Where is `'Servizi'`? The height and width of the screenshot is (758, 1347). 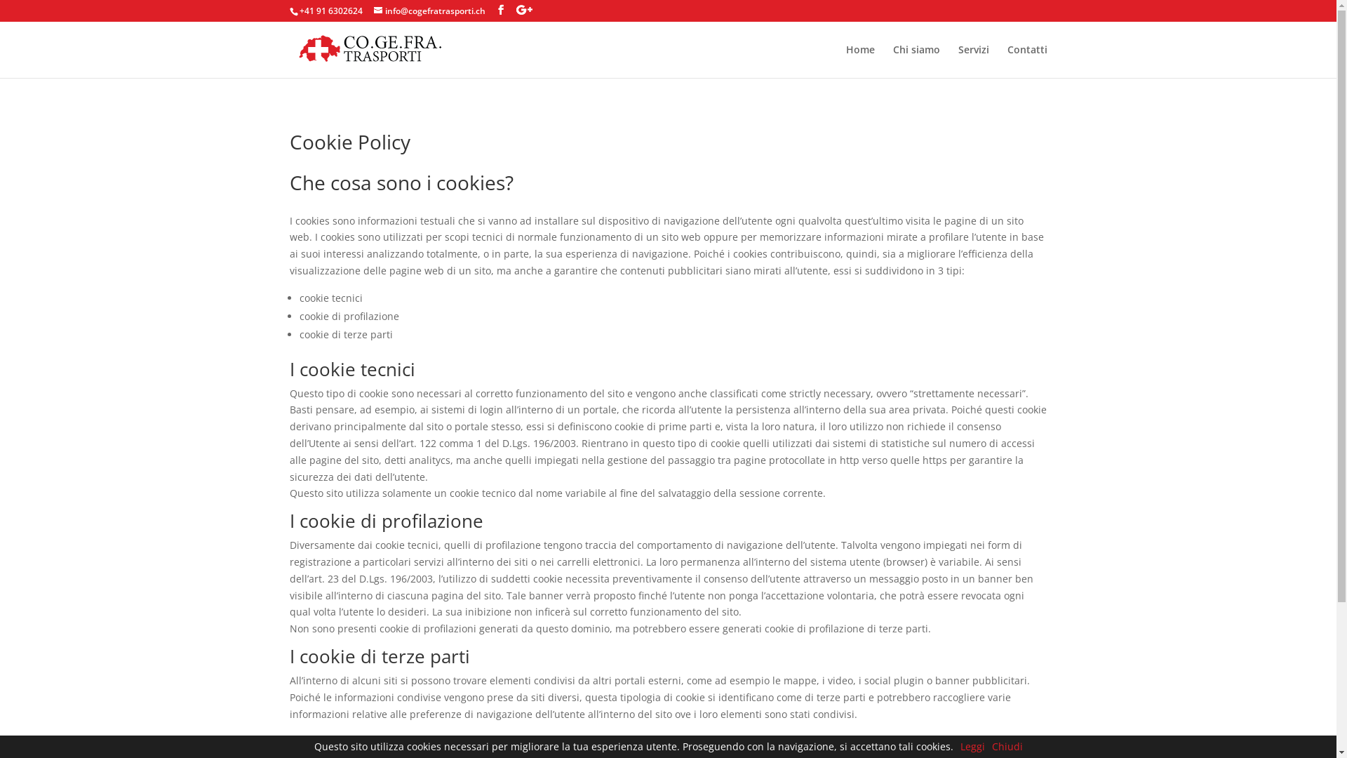
'Servizi' is located at coordinates (972, 60).